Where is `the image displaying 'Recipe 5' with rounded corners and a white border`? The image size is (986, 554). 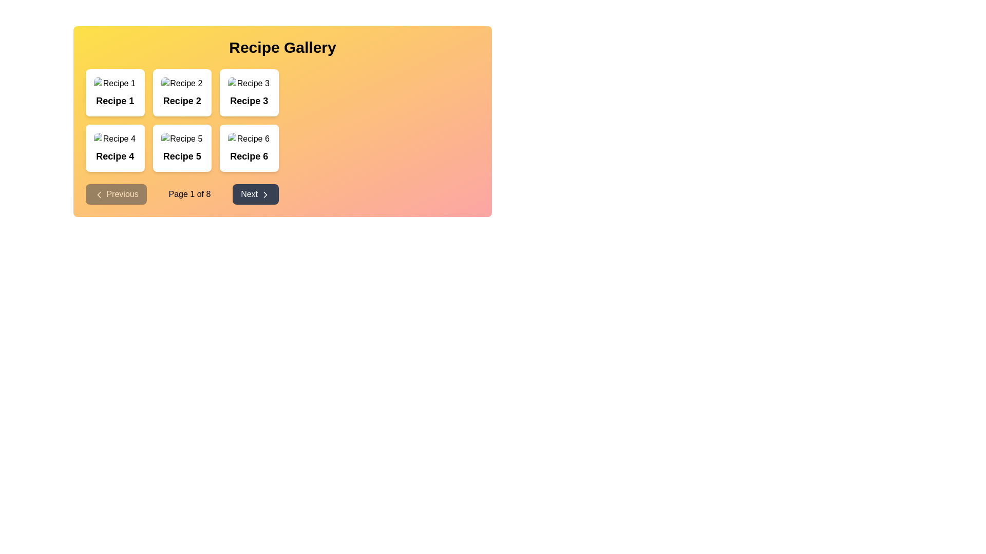 the image displaying 'Recipe 5' with rounded corners and a white border is located at coordinates (182, 138).